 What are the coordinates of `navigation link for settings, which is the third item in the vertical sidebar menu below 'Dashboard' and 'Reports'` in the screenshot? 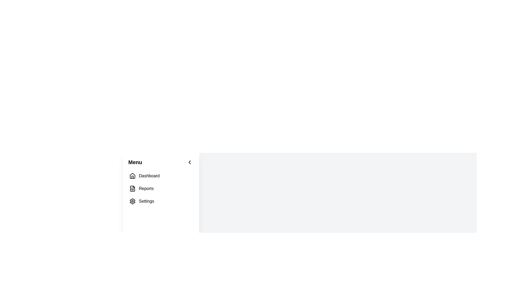 It's located at (161, 201).